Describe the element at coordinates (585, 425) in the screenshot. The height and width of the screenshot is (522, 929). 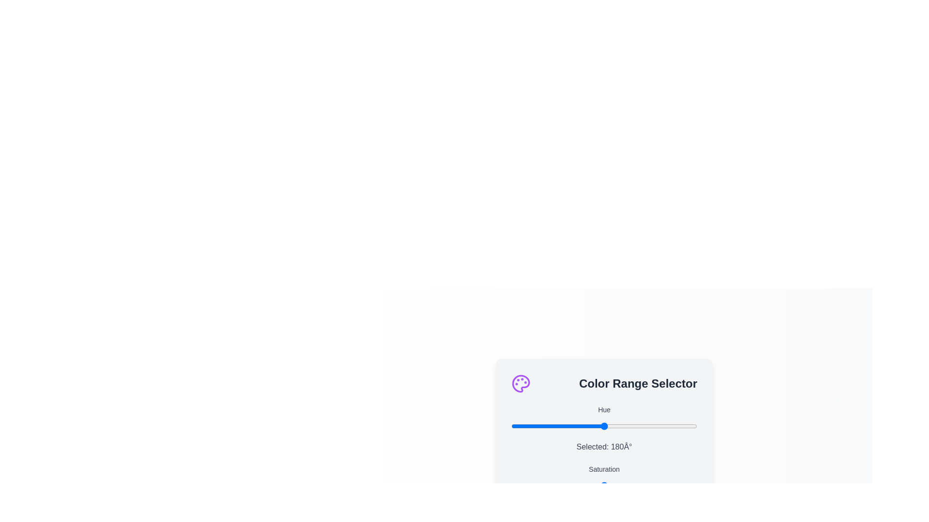
I see `the hue value on the slider` at that location.